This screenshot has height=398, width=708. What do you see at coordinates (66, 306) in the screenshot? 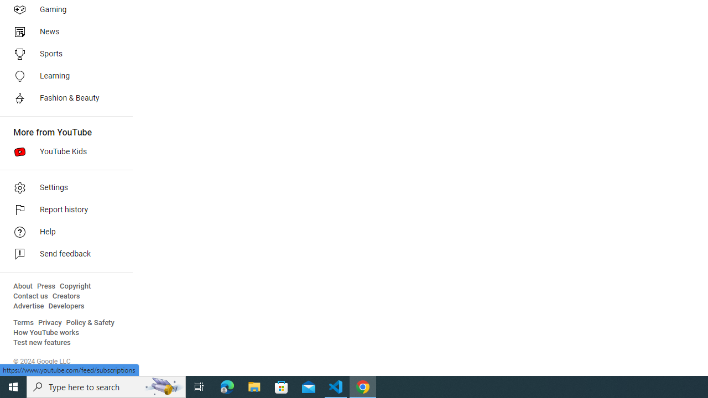
I see `'Developers'` at bounding box center [66, 306].